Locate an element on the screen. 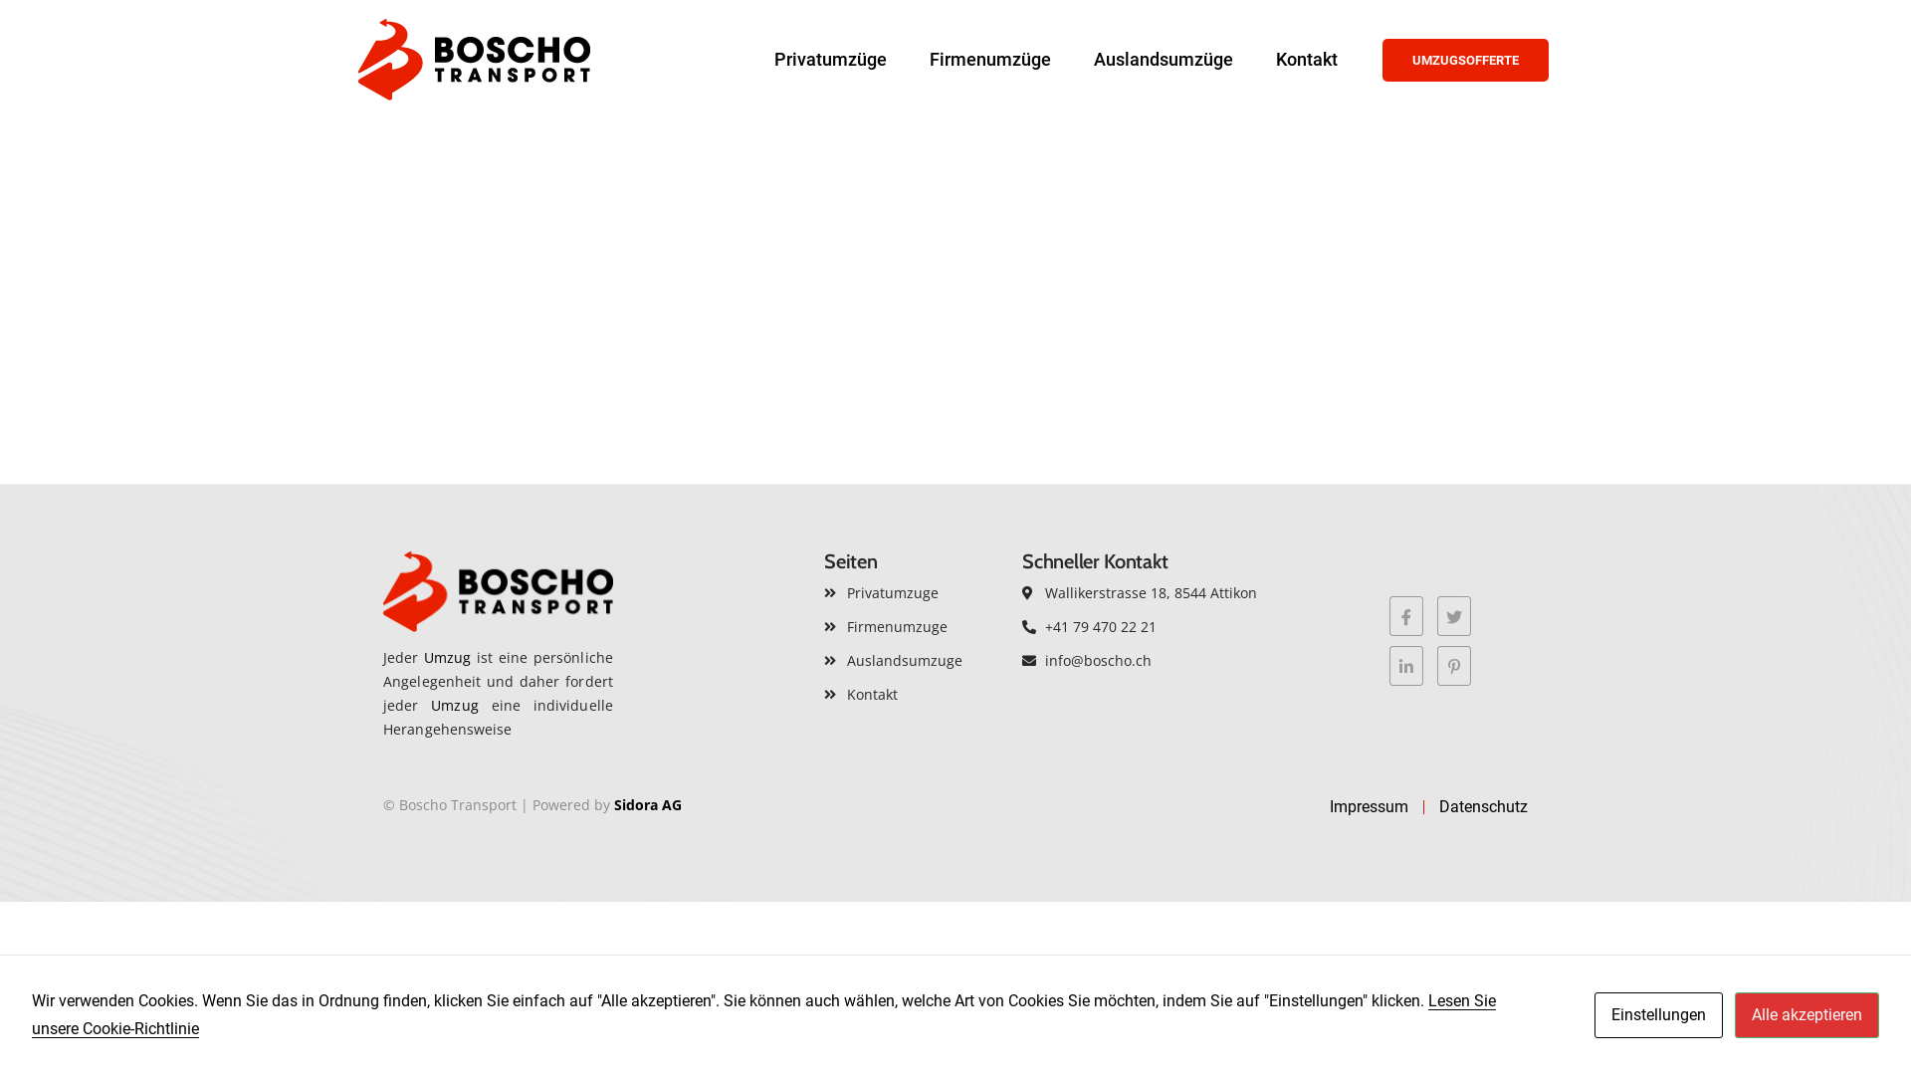 This screenshot has height=1075, width=1911. 'Umzug' is located at coordinates (447, 657).